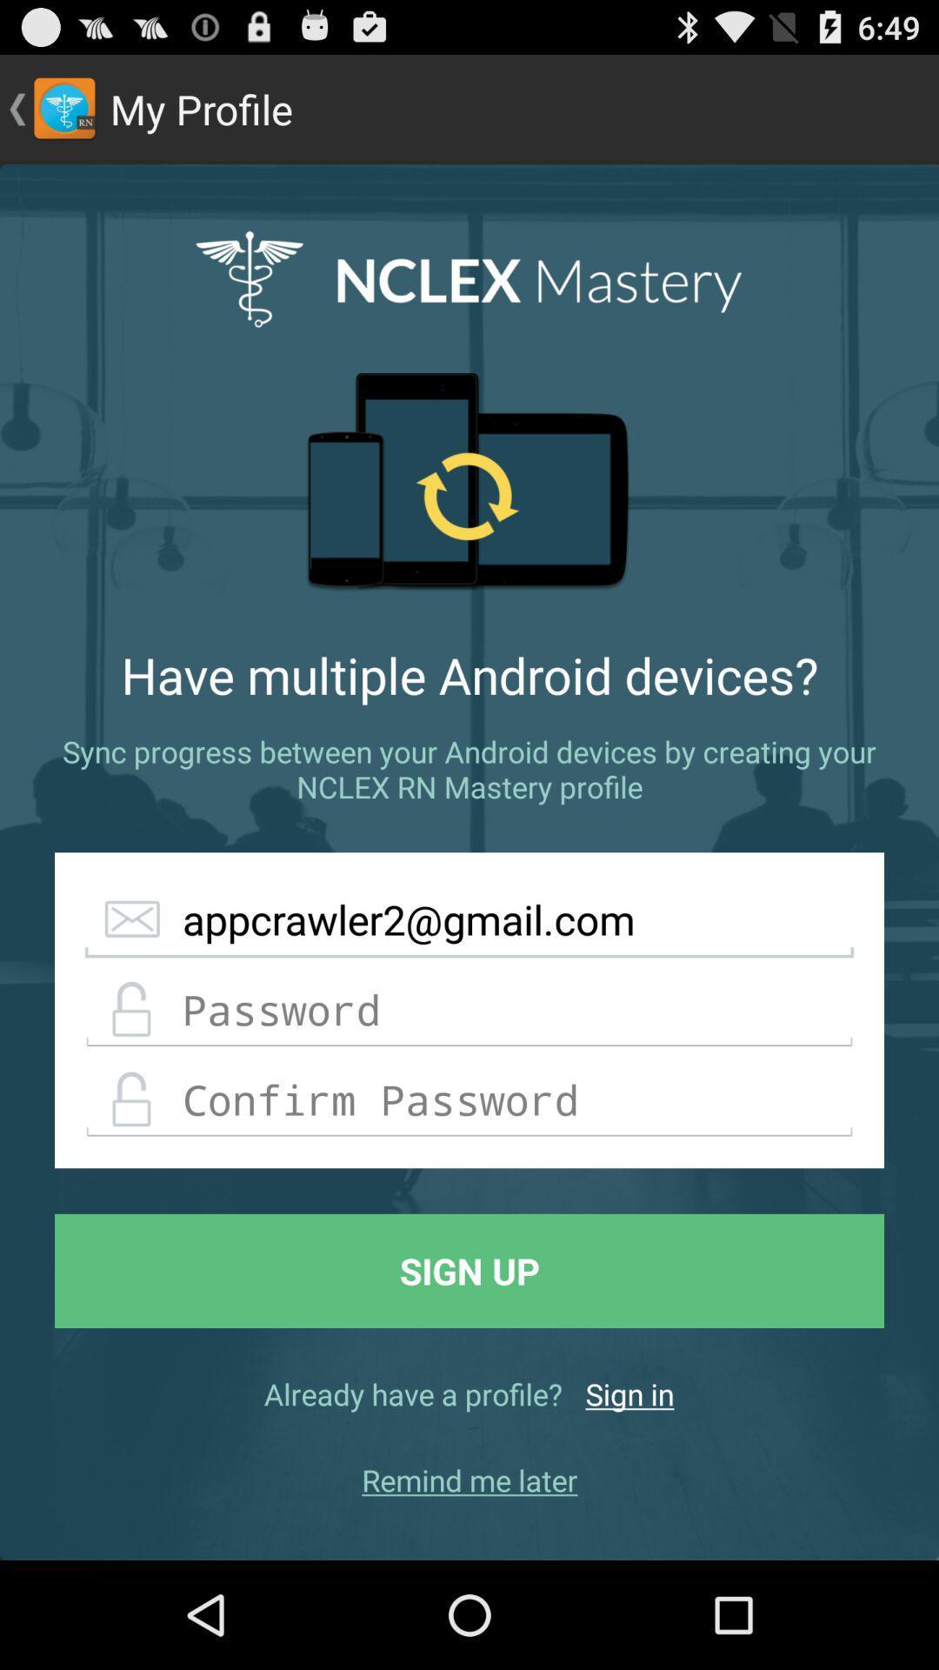 The width and height of the screenshot is (939, 1670). What do you see at coordinates (469, 1010) in the screenshot?
I see `password` at bounding box center [469, 1010].